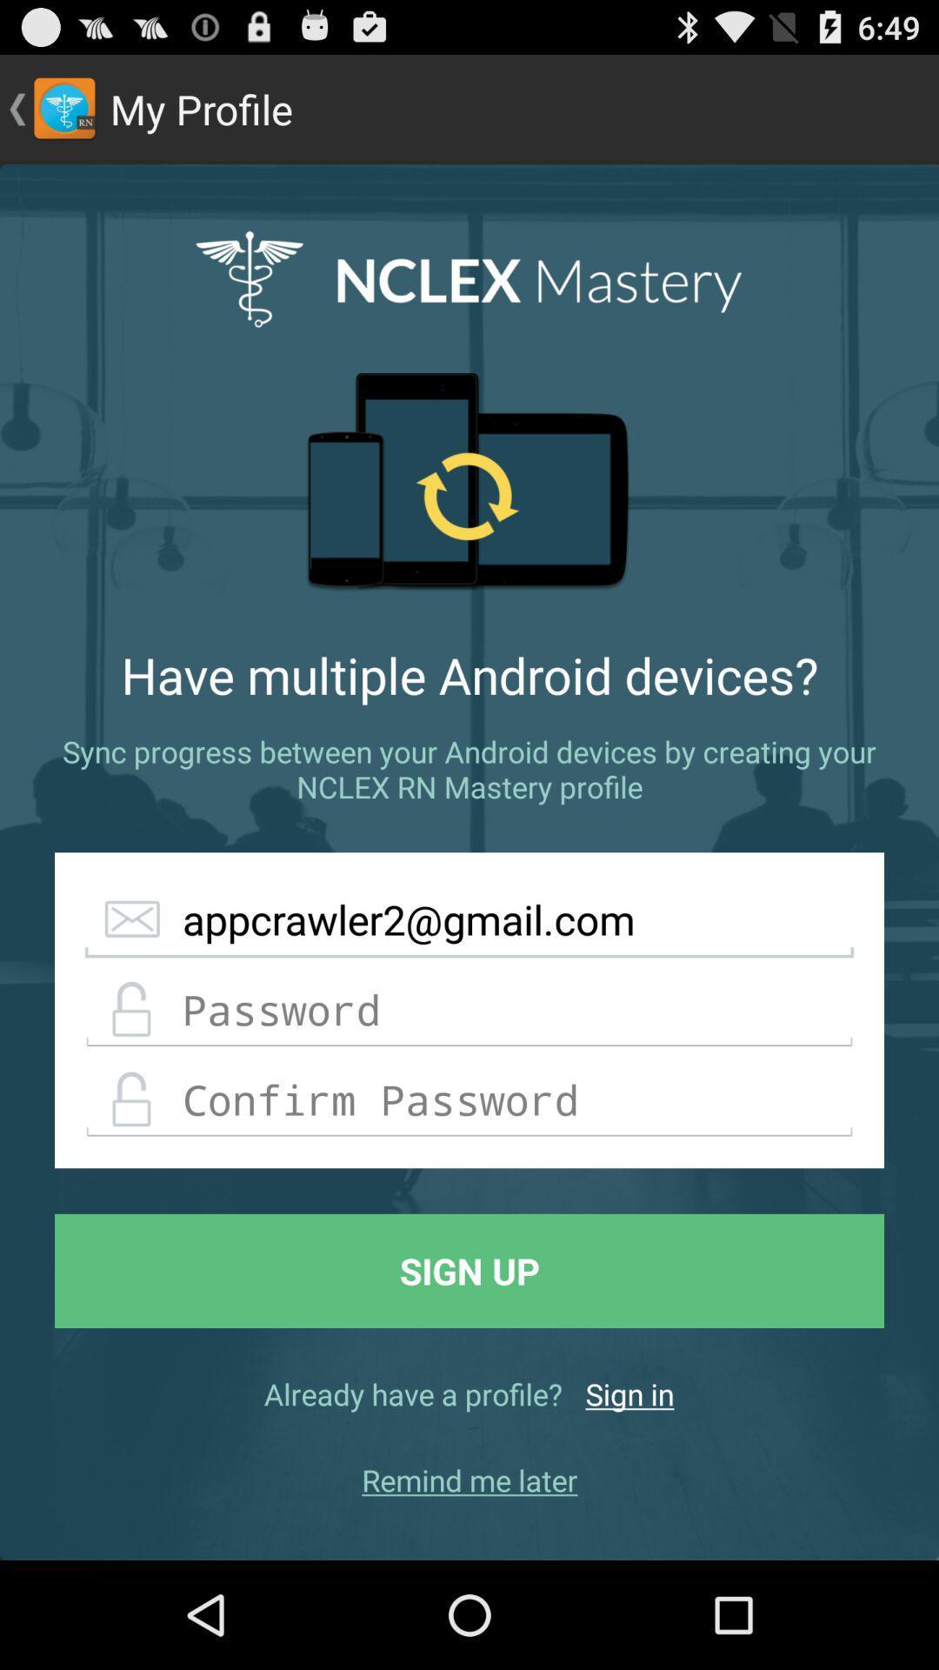 The width and height of the screenshot is (939, 1670). What do you see at coordinates (469, 1010) in the screenshot?
I see `password` at bounding box center [469, 1010].